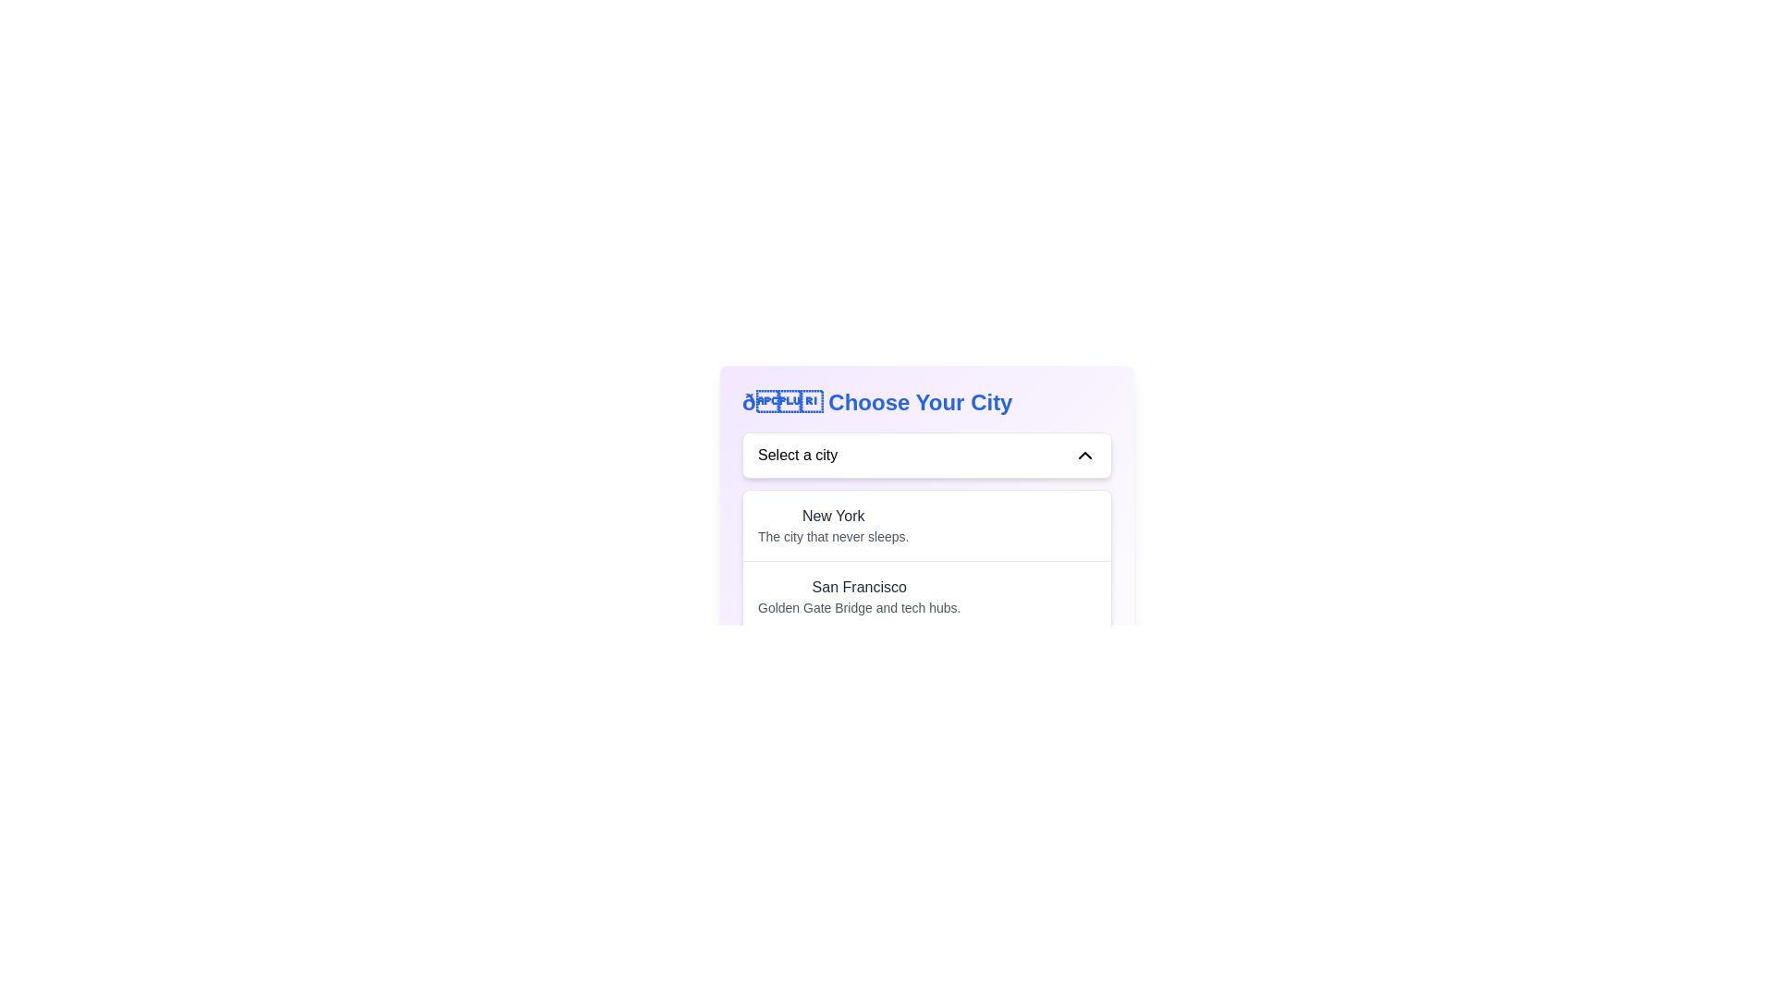 The height and width of the screenshot is (998, 1775). Describe the element at coordinates (798, 456) in the screenshot. I see `the text label displaying 'Select a city'` at that location.